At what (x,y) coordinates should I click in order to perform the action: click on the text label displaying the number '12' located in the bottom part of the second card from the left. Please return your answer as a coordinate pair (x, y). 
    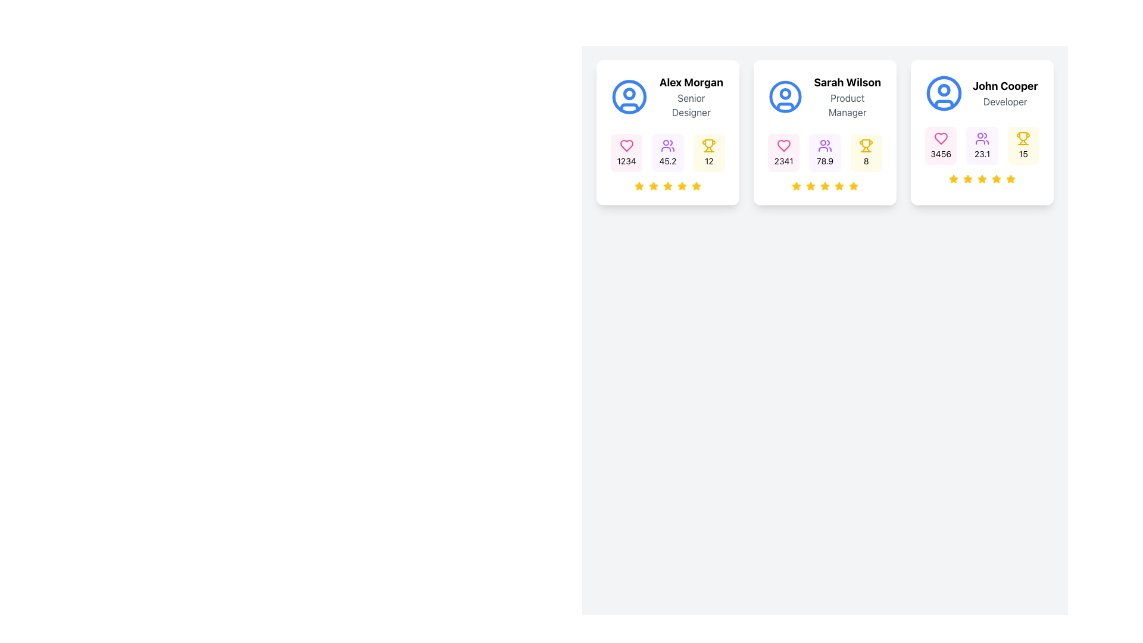
    Looking at the image, I should click on (709, 161).